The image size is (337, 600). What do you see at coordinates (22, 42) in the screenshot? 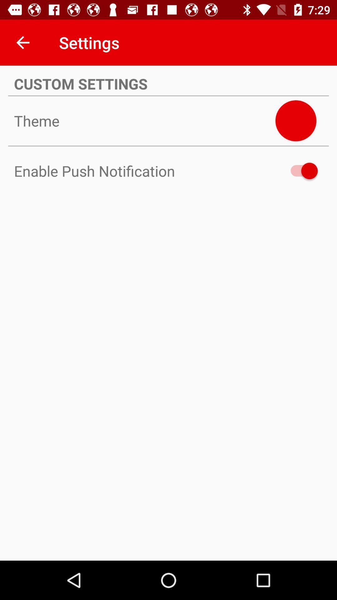
I see `the item to the left of settings` at bounding box center [22, 42].